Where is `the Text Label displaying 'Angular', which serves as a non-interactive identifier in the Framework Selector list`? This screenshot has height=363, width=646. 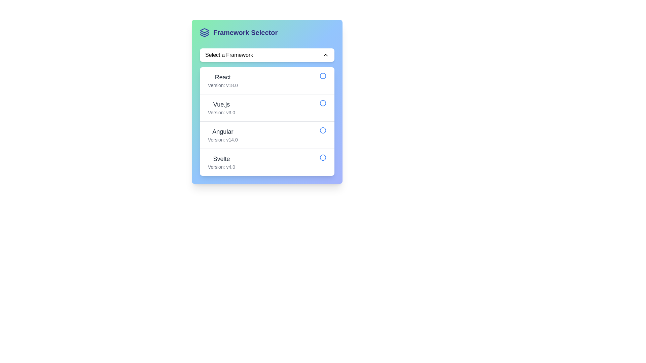 the Text Label displaying 'Angular', which serves as a non-interactive identifier in the Framework Selector list is located at coordinates (223, 132).